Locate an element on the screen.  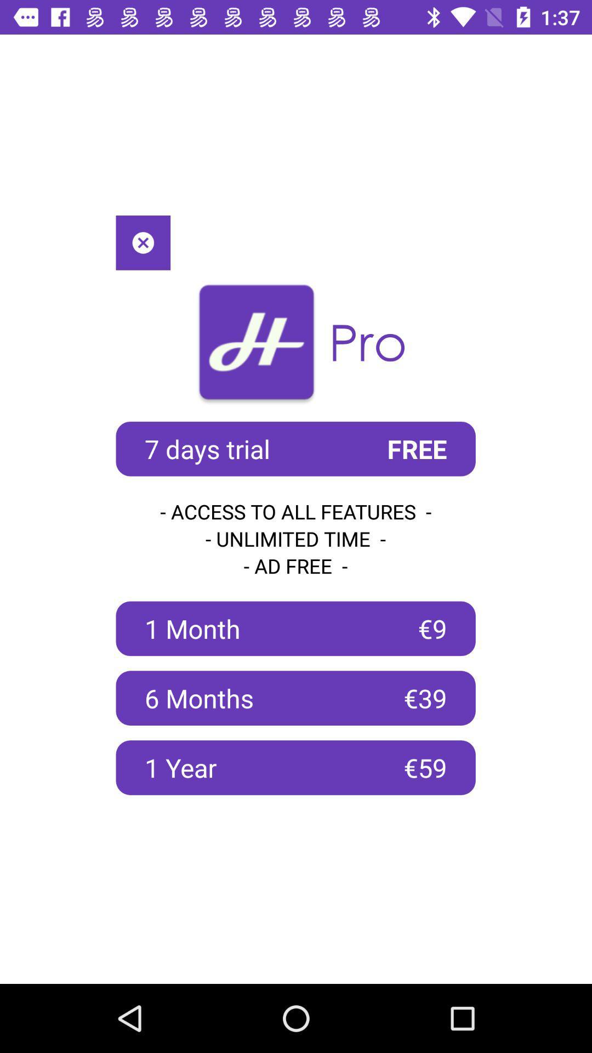
the program is located at coordinates (143, 242).